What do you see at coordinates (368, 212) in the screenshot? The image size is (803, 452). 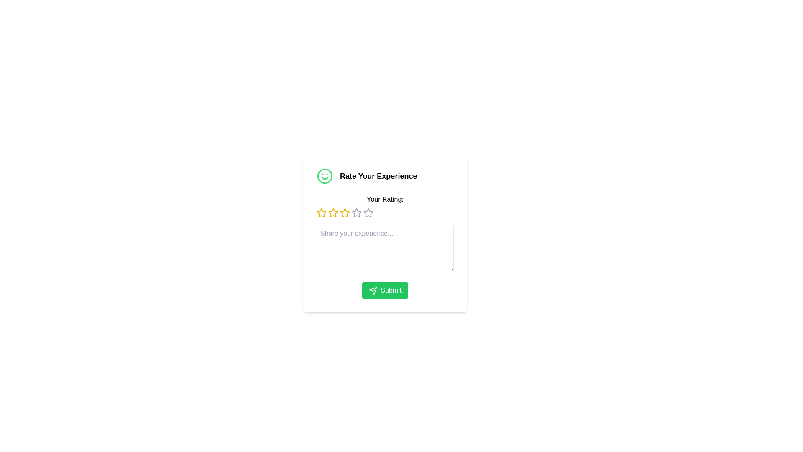 I see `the fourth star icon in the rating bar located under the 'Your Rating:' label` at bounding box center [368, 212].